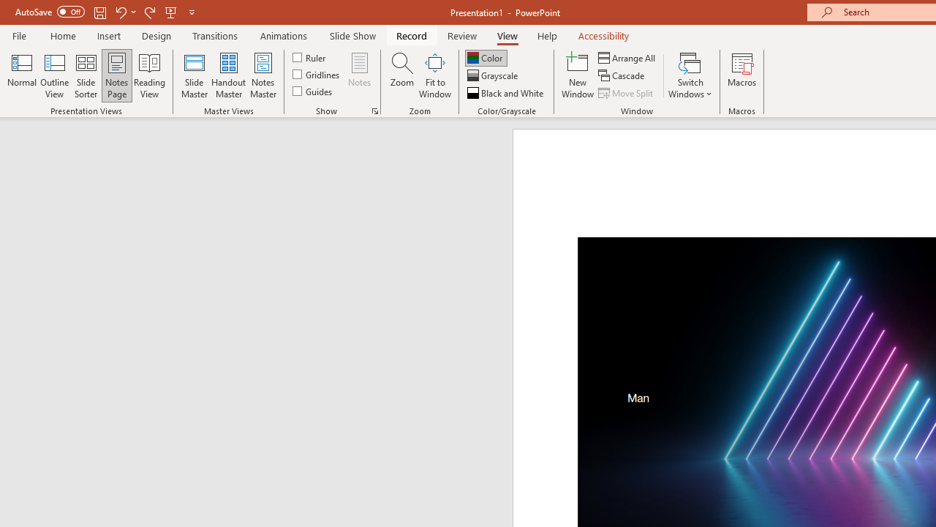  What do you see at coordinates (54, 75) in the screenshot?
I see `'Outline View'` at bounding box center [54, 75].